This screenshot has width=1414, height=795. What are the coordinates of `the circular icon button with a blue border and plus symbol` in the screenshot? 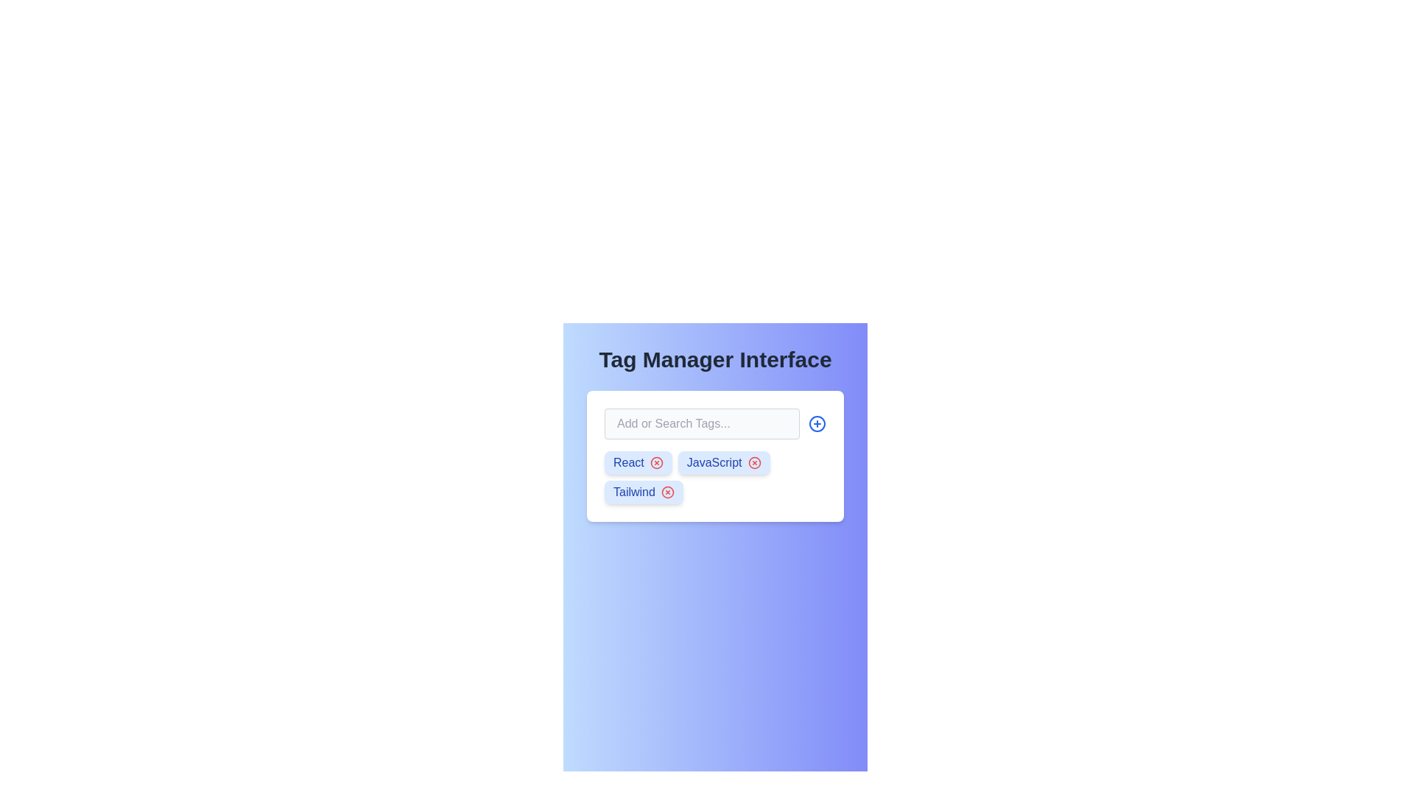 It's located at (816, 423).